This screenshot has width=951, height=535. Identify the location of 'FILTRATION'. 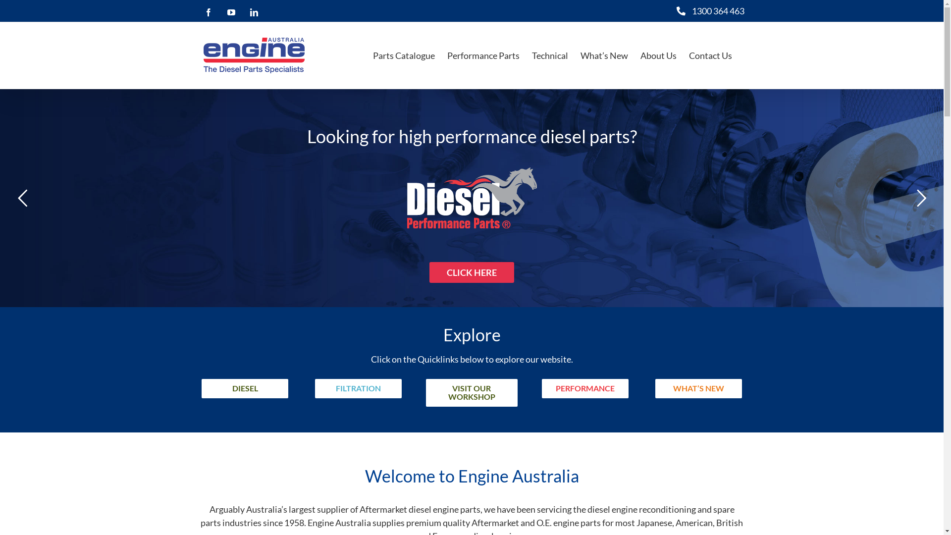
(358, 388).